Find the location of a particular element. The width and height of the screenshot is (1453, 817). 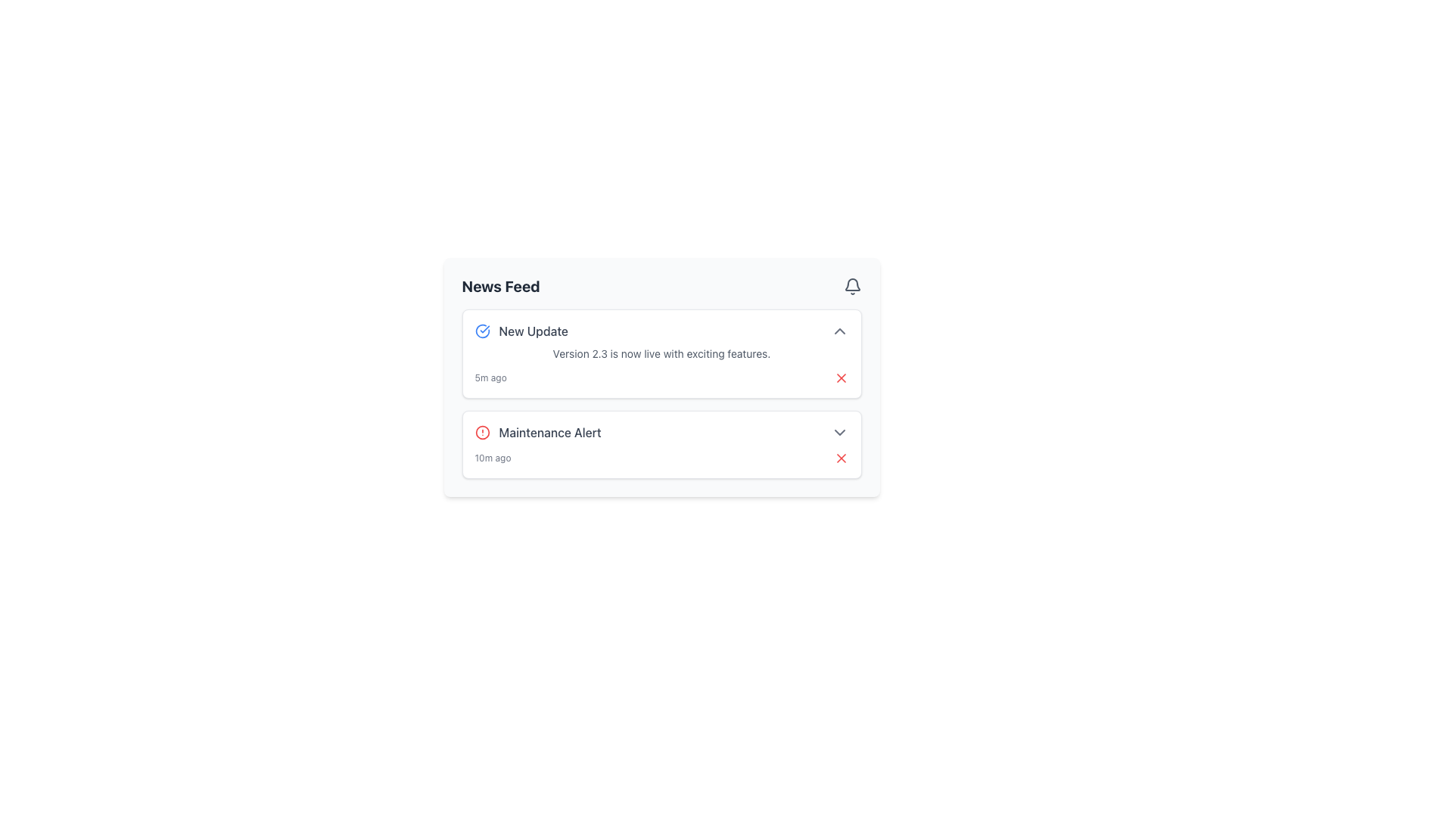

the circular icon with a checkmark representing confirmation, located in the 'News Feed' section before the 'New Update' text is located at coordinates (481, 331).